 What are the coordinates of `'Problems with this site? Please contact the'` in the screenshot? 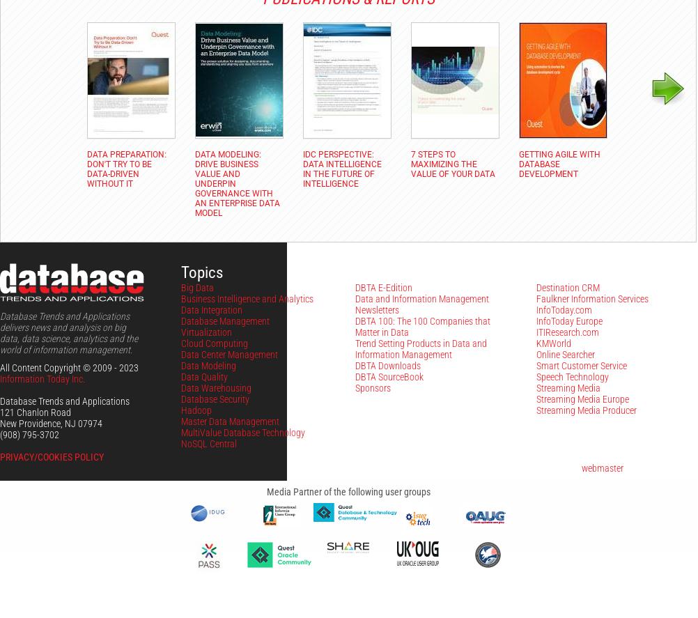 It's located at (417, 467).